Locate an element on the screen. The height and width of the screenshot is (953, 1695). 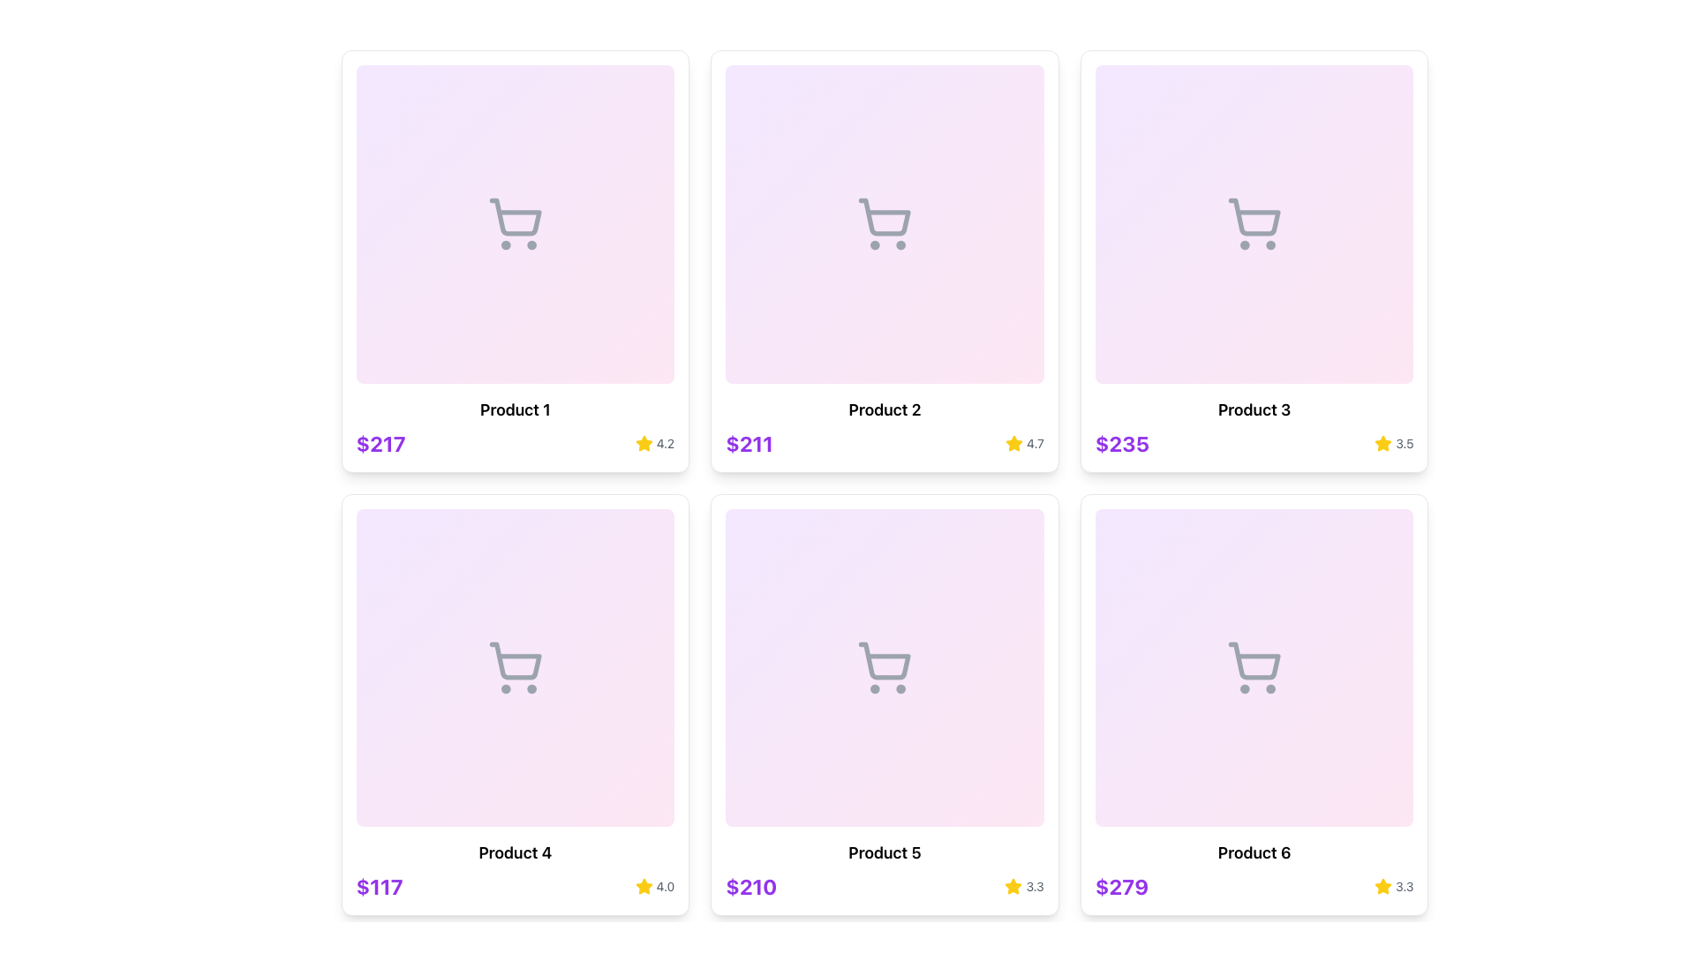
the text element displaying the numeric value '3.5', which is located adjacent to a yellow star icon in the 'Product 3' card is located at coordinates (1404, 442).